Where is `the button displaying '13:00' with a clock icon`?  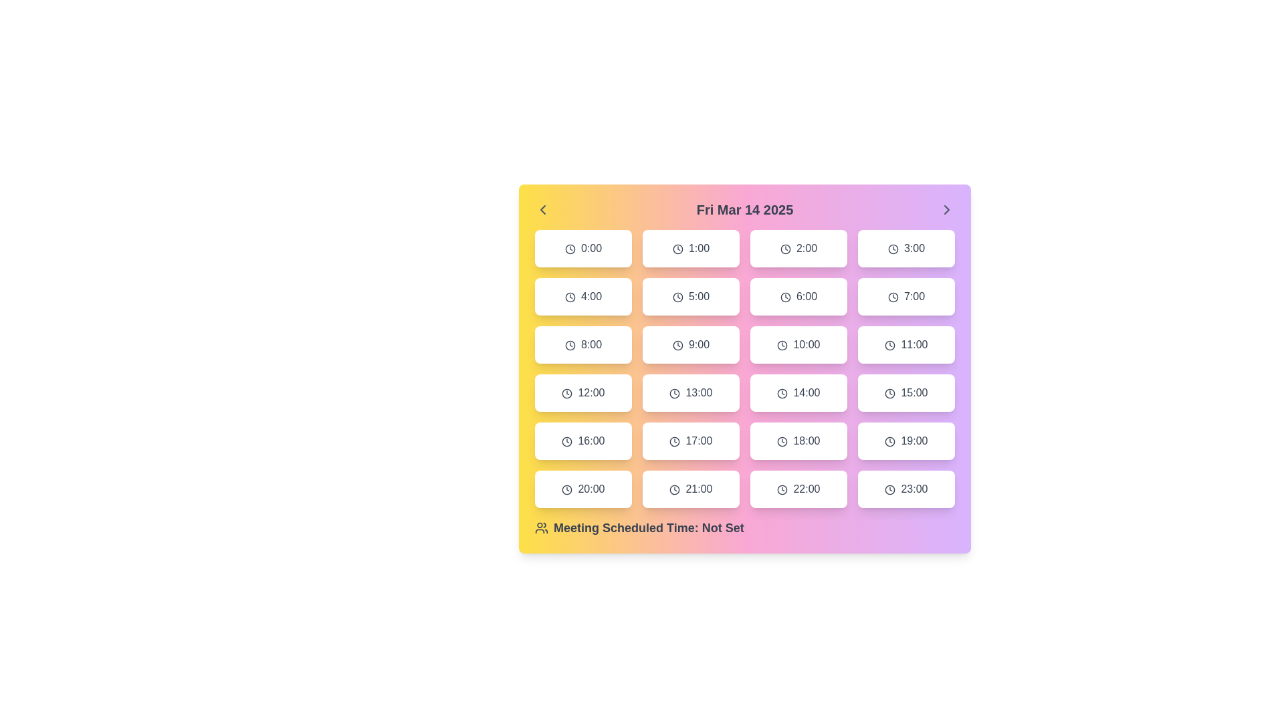
the button displaying '13:00' with a clock icon is located at coordinates (691, 392).